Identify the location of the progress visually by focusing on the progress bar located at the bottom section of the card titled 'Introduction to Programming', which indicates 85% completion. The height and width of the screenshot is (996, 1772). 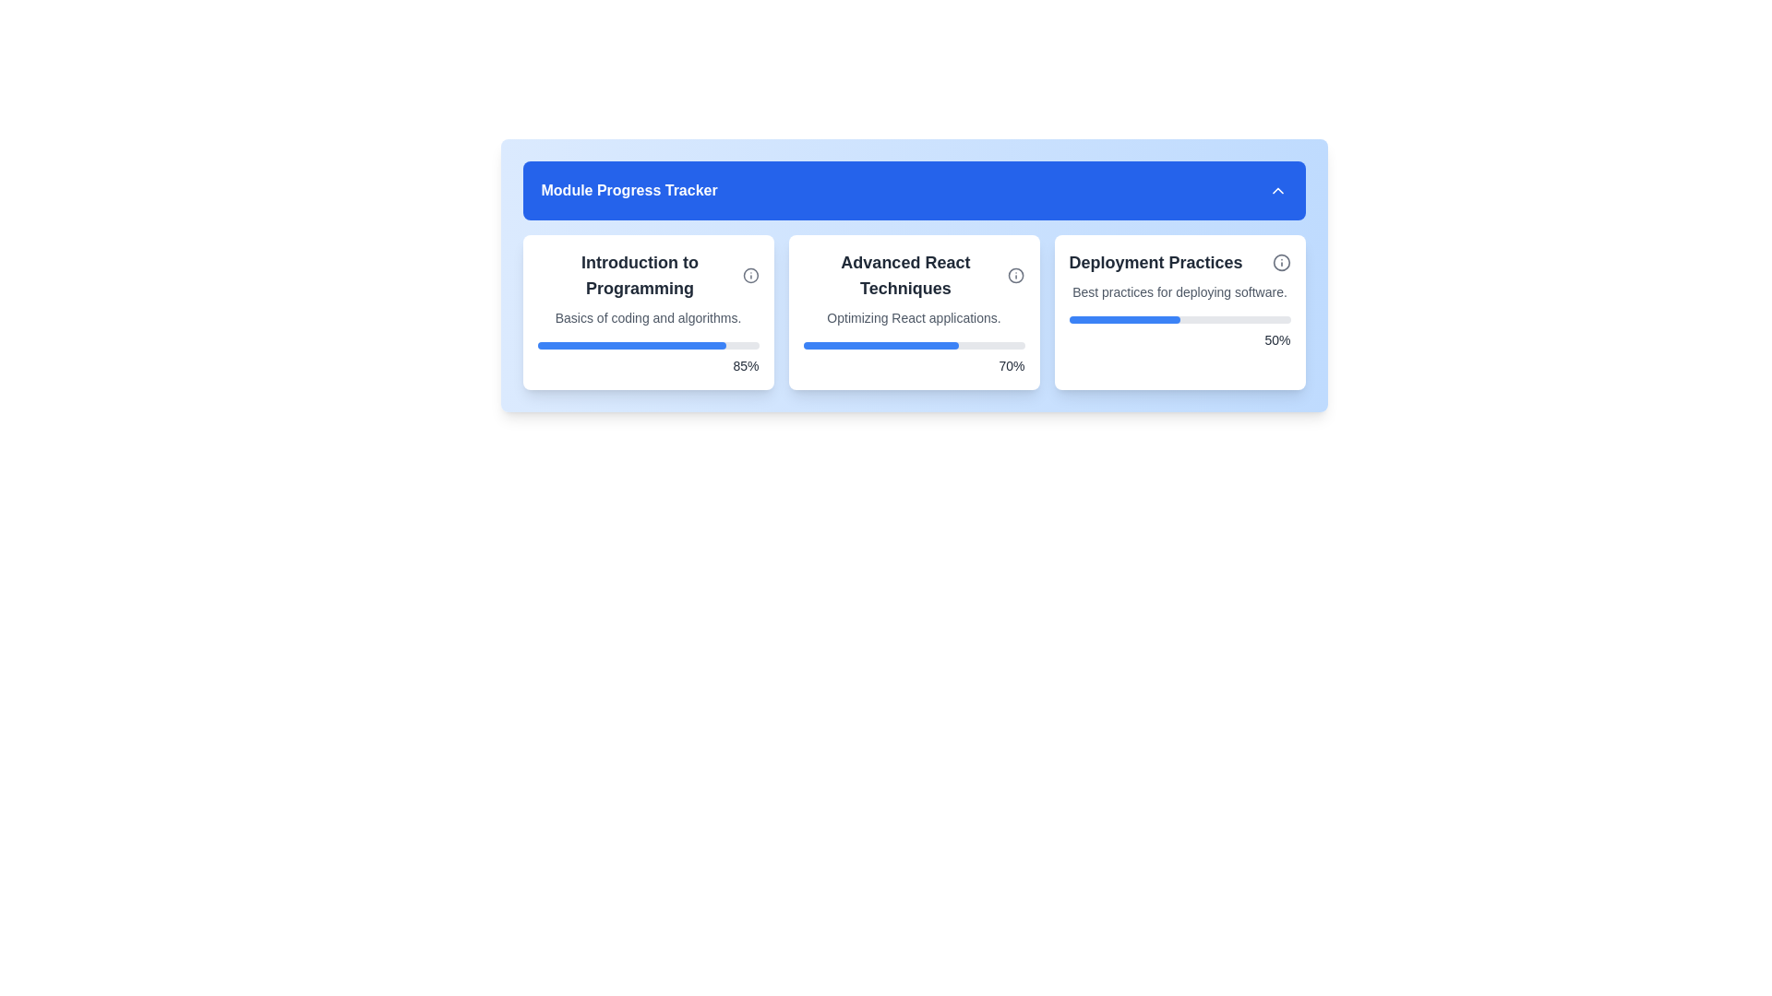
(648, 345).